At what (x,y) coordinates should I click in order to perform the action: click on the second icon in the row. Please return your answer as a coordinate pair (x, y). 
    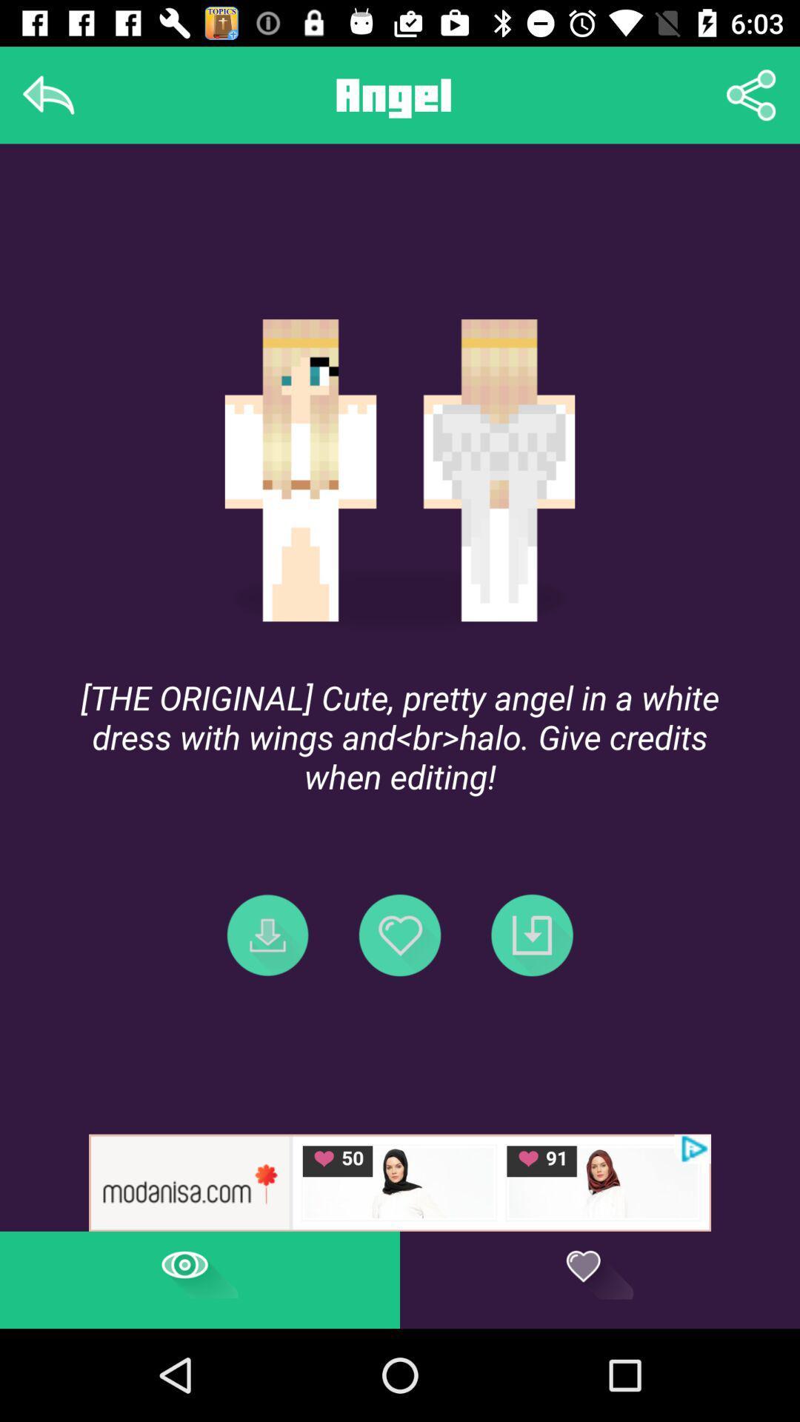
    Looking at the image, I should click on (400, 934).